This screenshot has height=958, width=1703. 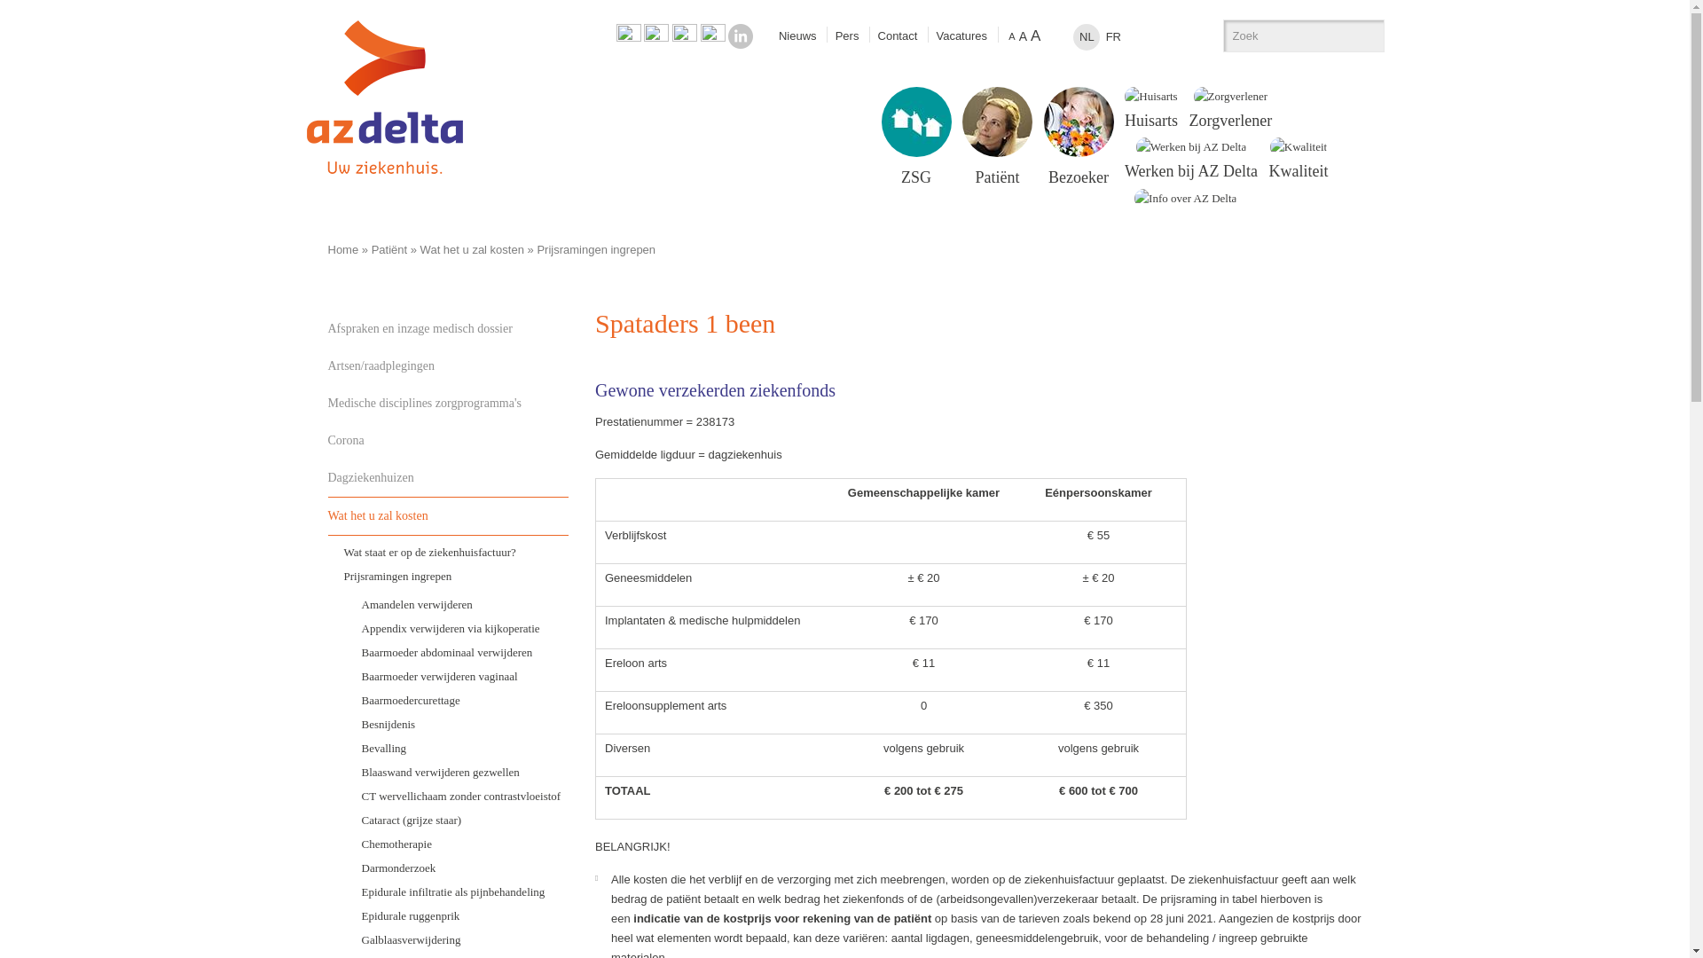 I want to click on 'Corona', so click(x=327, y=440).